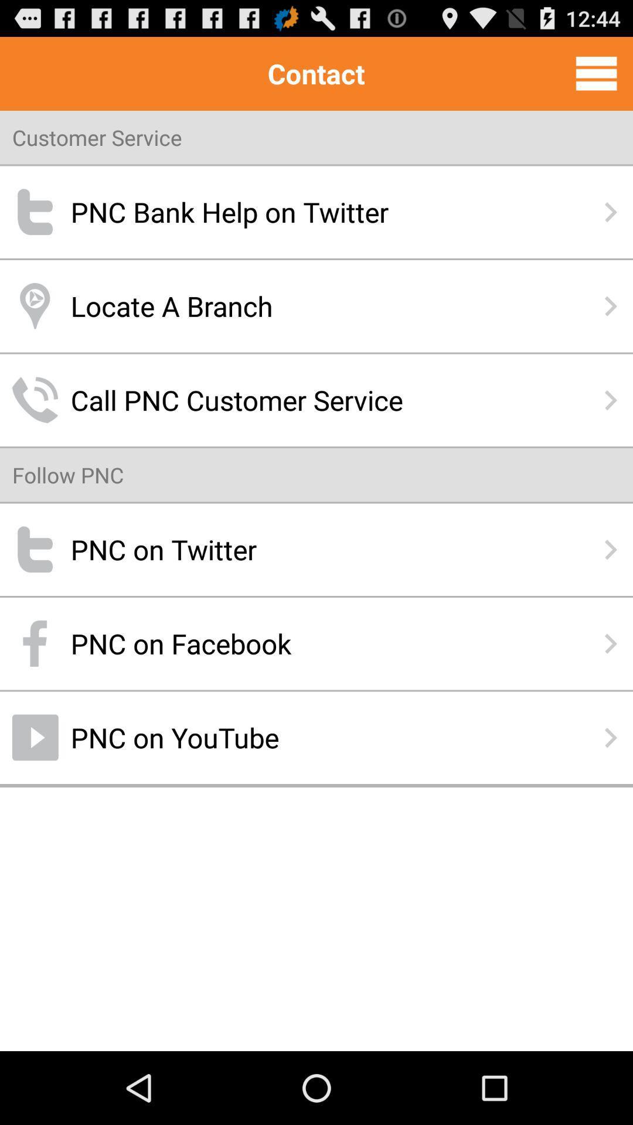  What do you see at coordinates (596, 78) in the screenshot?
I see `the menu icon` at bounding box center [596, 78].